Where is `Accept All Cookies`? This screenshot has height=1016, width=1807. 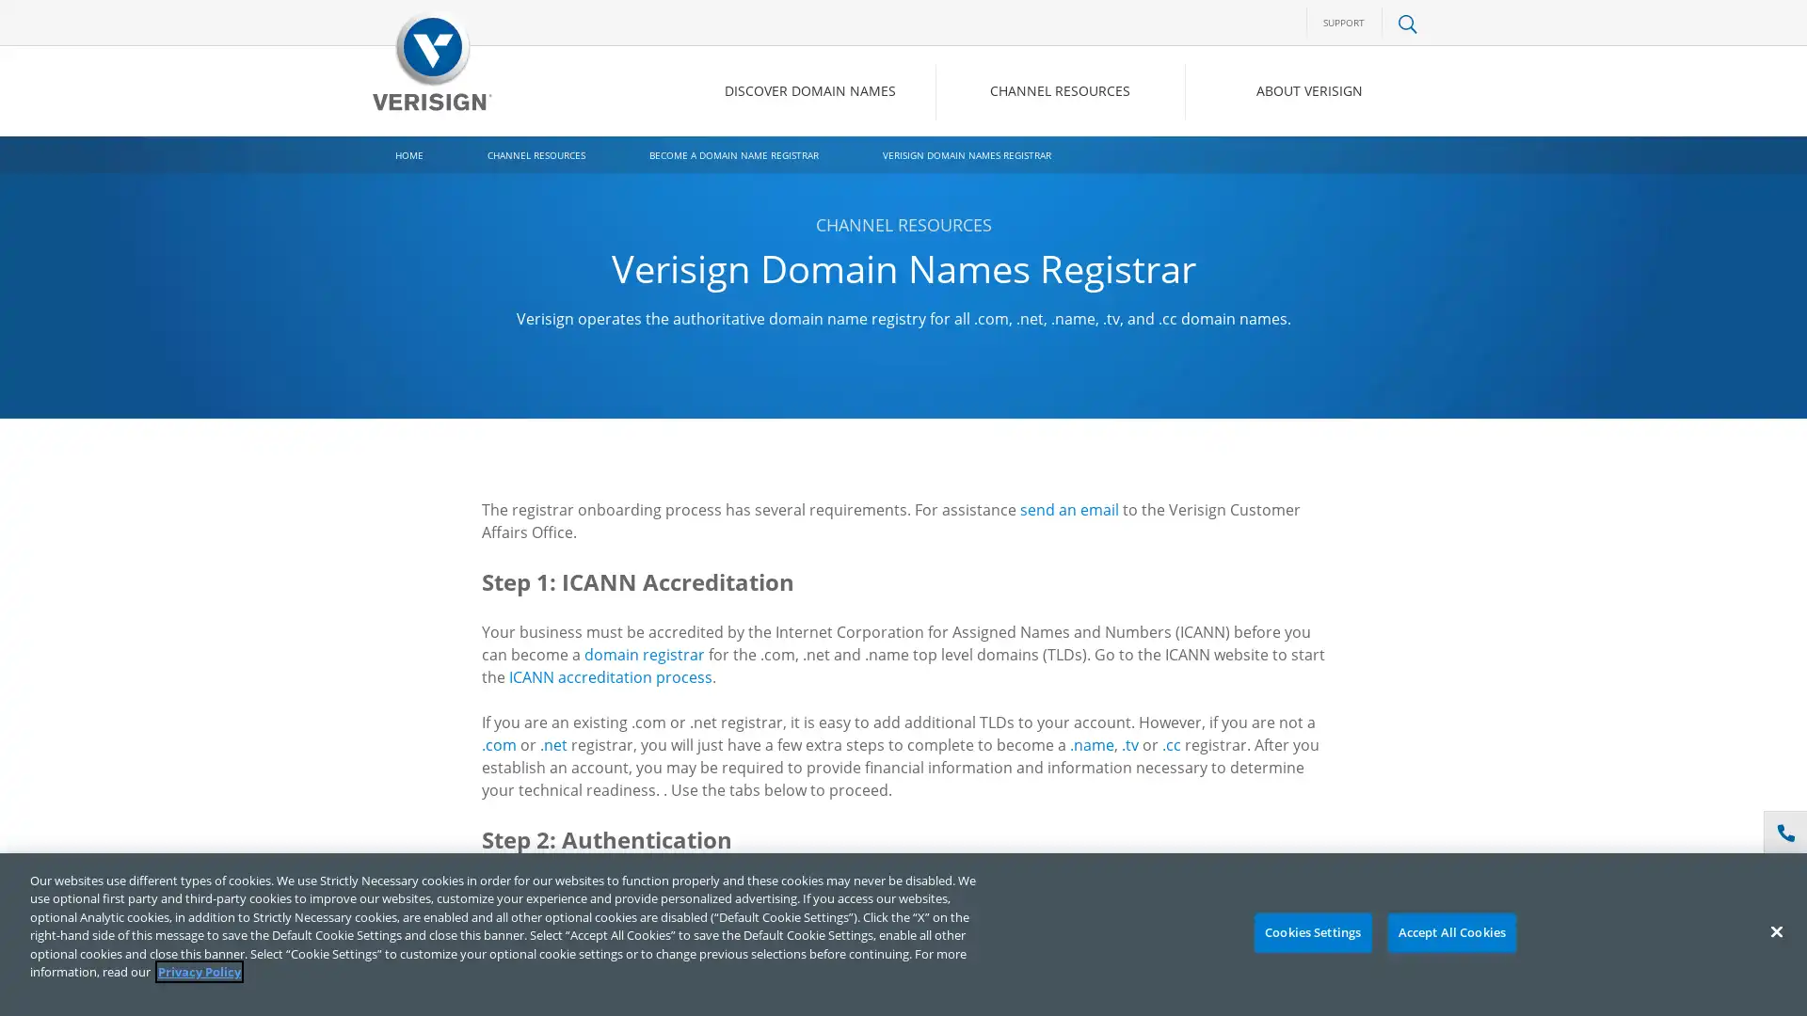 Accept All Cookies is located at coordinates (1450, 932).